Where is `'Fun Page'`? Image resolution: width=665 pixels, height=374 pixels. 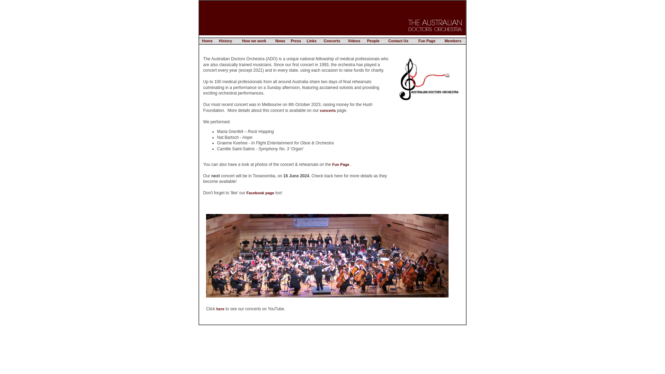 'Fun Page' is located at coordinates (427, 41).